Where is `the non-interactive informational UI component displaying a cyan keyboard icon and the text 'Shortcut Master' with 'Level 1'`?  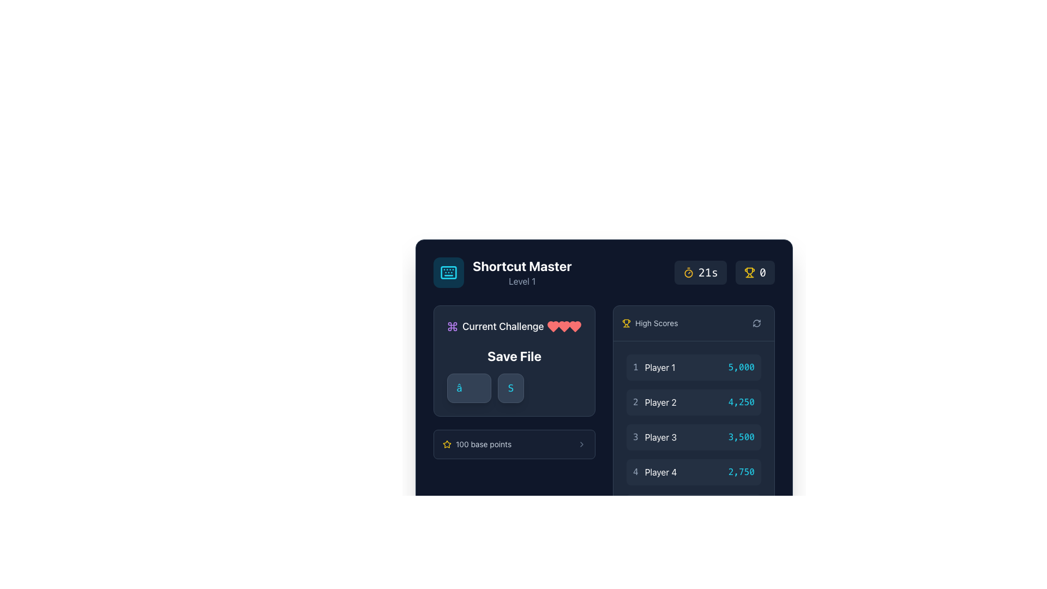
the non-interactive informational UI component displaying a cyan keyboard icon and the text 'Shortcut Master' with 'Level 1' is located at coordinates (502, 272).